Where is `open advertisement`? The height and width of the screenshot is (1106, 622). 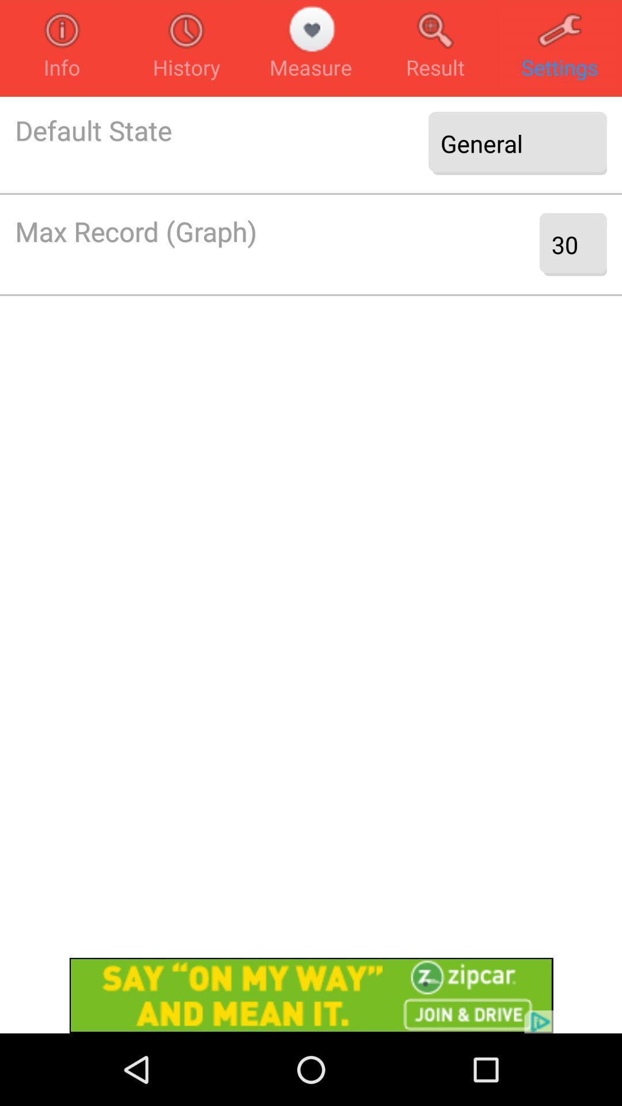 open advertisement is located at coordinates (311, 995).